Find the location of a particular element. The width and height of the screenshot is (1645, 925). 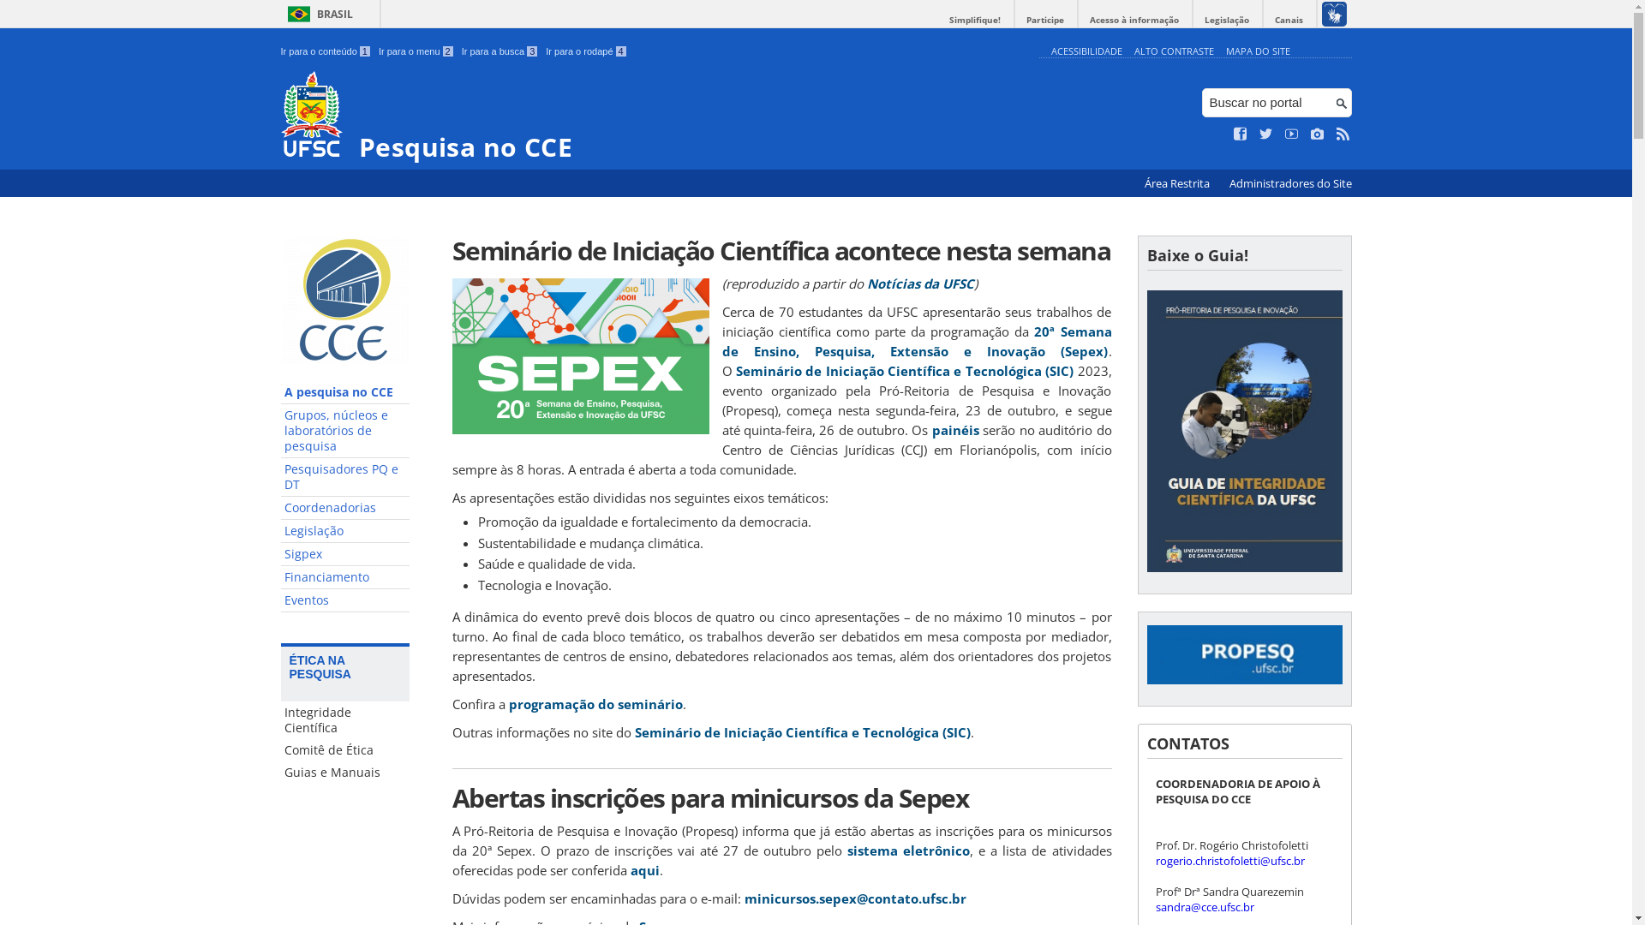

'Financiamento' is located at coordinates (344, 577).